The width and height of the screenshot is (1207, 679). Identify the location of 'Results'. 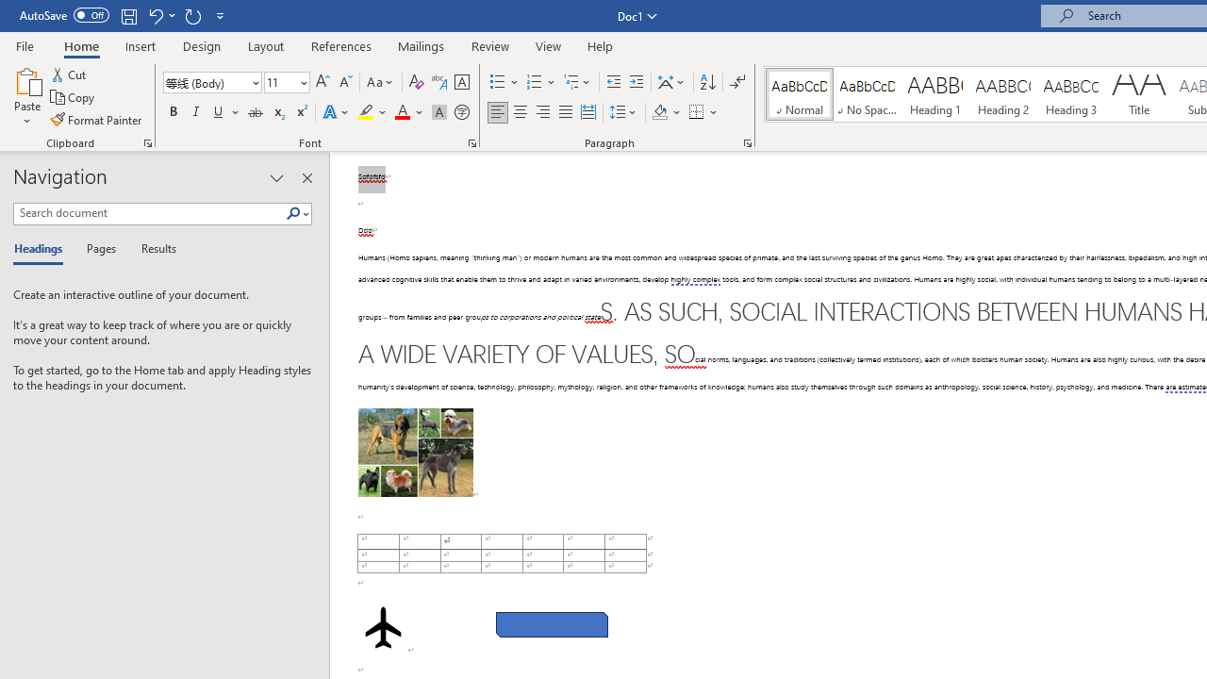
(152, 249).